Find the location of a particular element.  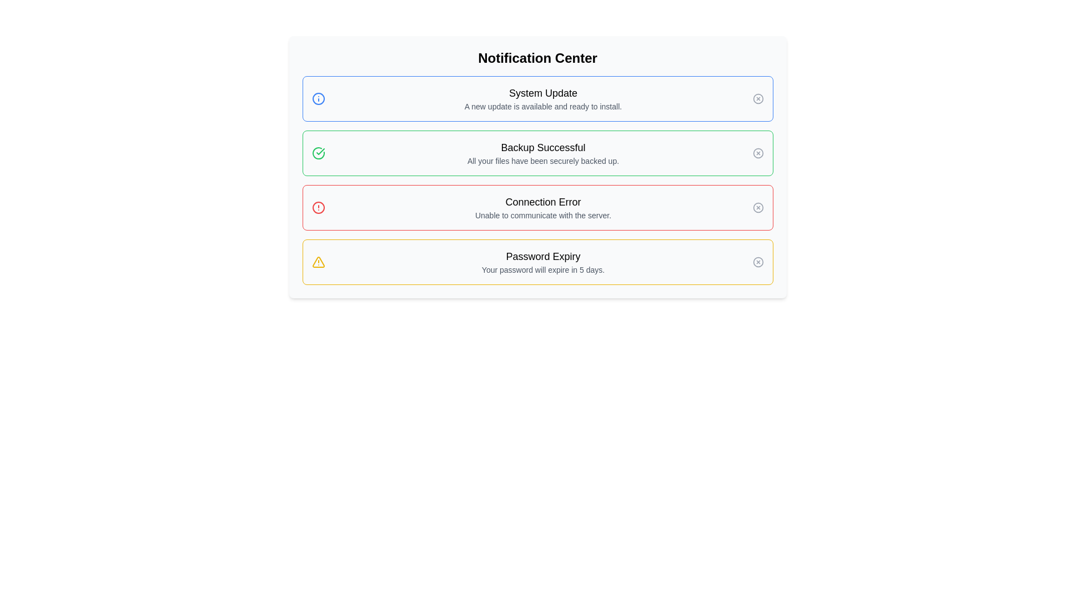

the yellow triangular alert icon located in the fourth notification panel, near the text 'Password Expiry Your password will expire in 5 days.' to see more details is located at coordinates (318, 262).